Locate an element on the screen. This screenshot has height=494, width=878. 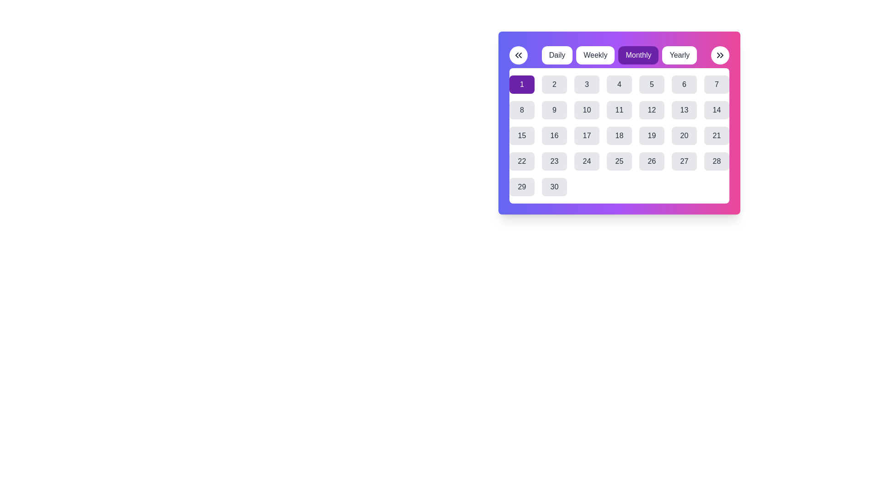
the button displaying the number '26' in the calendar widget is located at coordinates (651, 161).